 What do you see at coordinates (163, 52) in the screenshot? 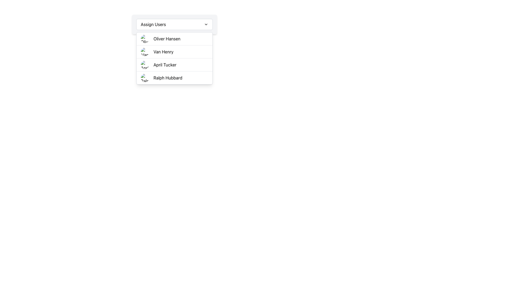
I see `the text label displaying 'Van Henry' in the dropdown list` at bounding box center [163, 52].